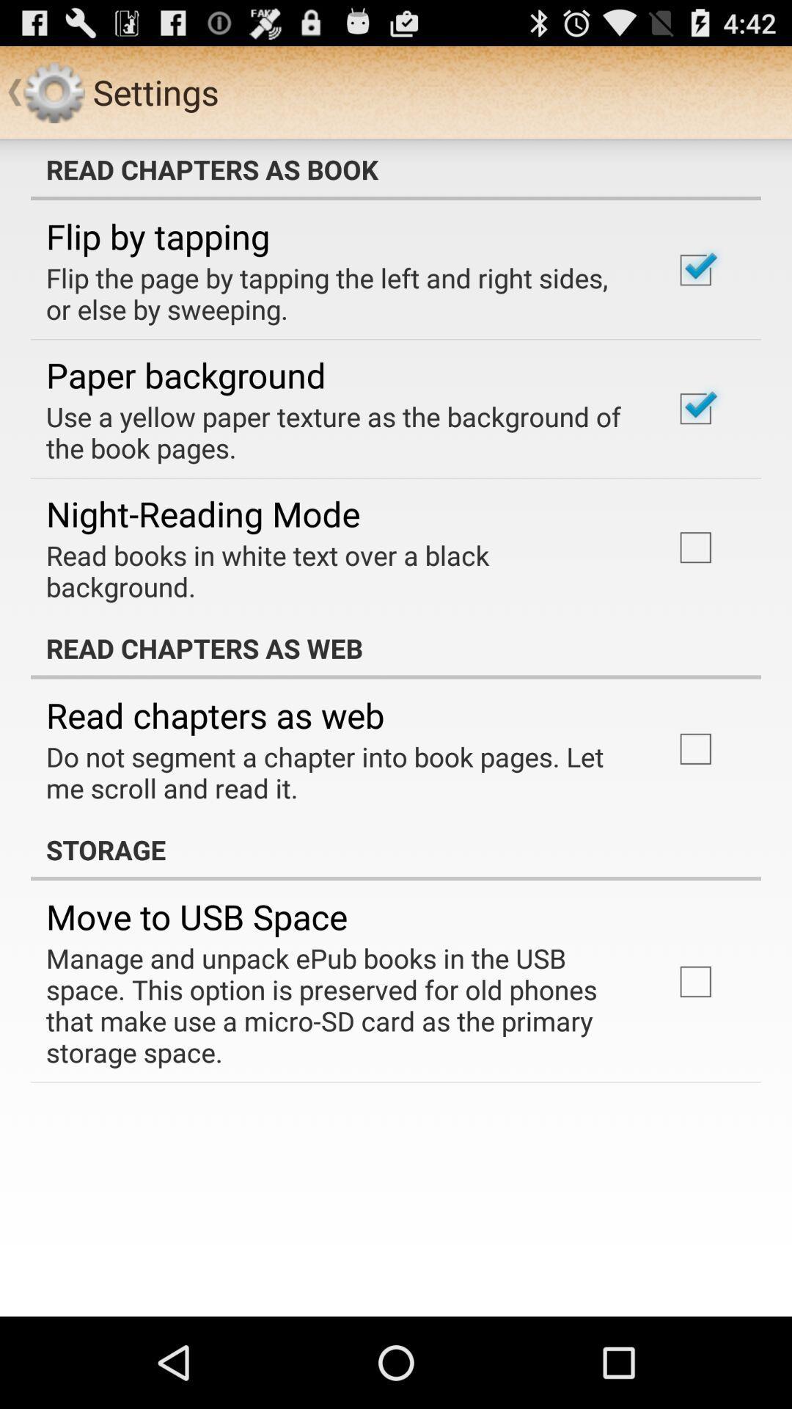  Describe the element at coordinates (203, 514) in the screenshot. I see `the night-reading mode icon` at that location.